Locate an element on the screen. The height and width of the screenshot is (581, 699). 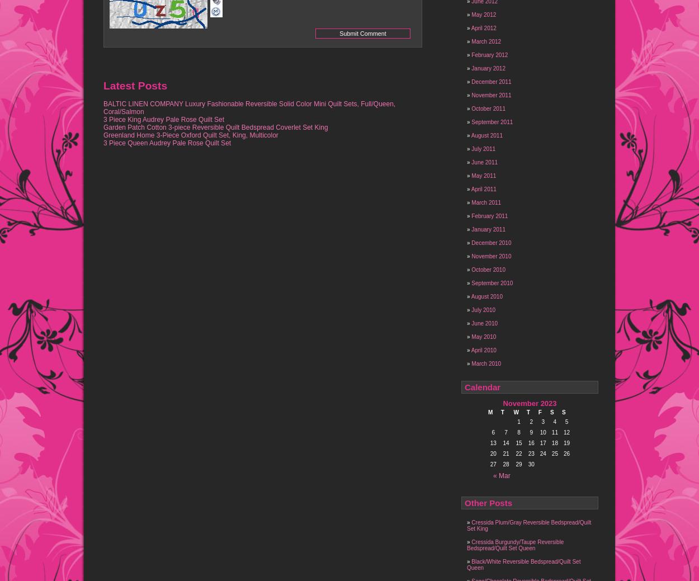
'October 2011' is located at coordinates (488, 108).